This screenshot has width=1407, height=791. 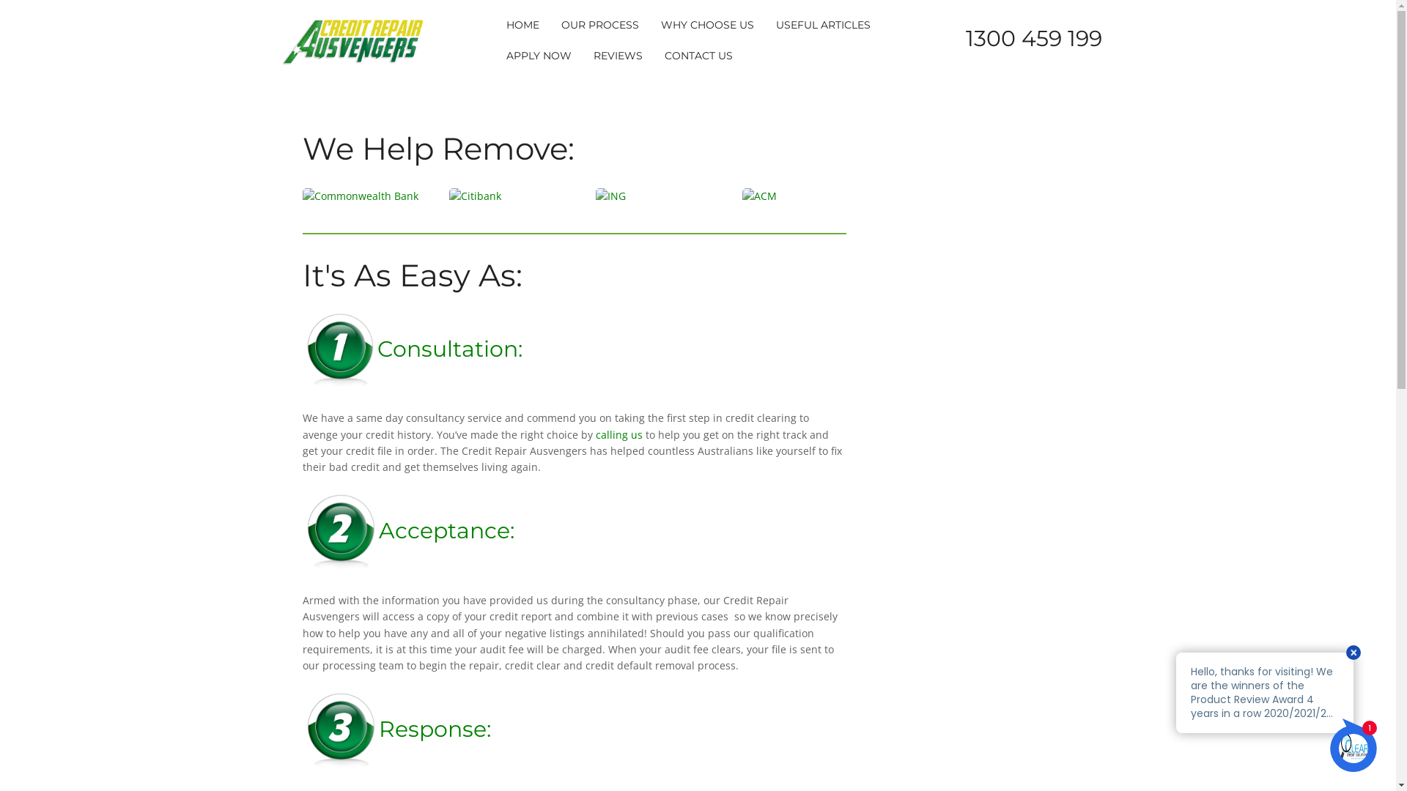 I want to click on 'HOME', so click(x=522, y=25).